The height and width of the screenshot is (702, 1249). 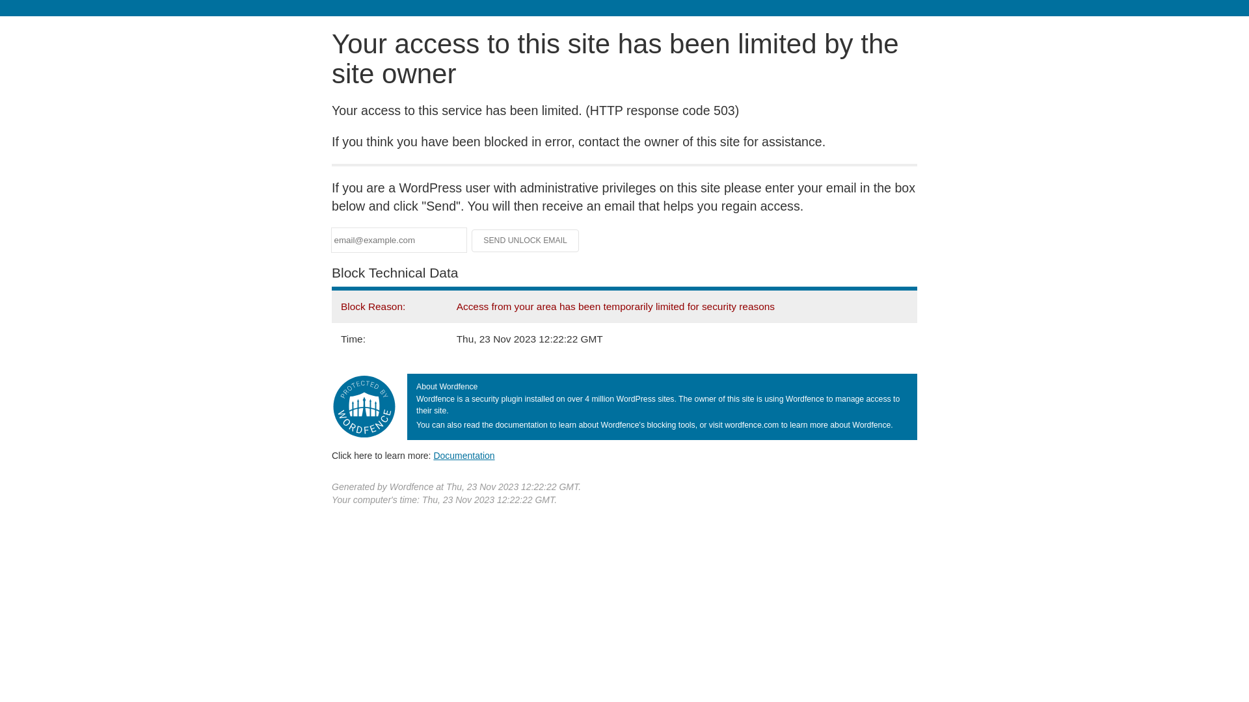 What do you see at coordinates (525, 240) in the screenshot?
I see `'Send Unlock Email'` at bounding box center [525, 240].